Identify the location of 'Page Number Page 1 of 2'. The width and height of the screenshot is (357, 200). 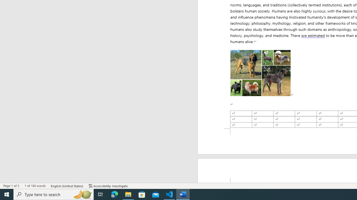
(11, 186).